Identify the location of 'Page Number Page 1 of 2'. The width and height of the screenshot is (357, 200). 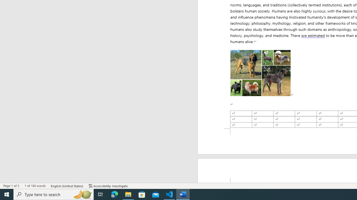
(11, 186).